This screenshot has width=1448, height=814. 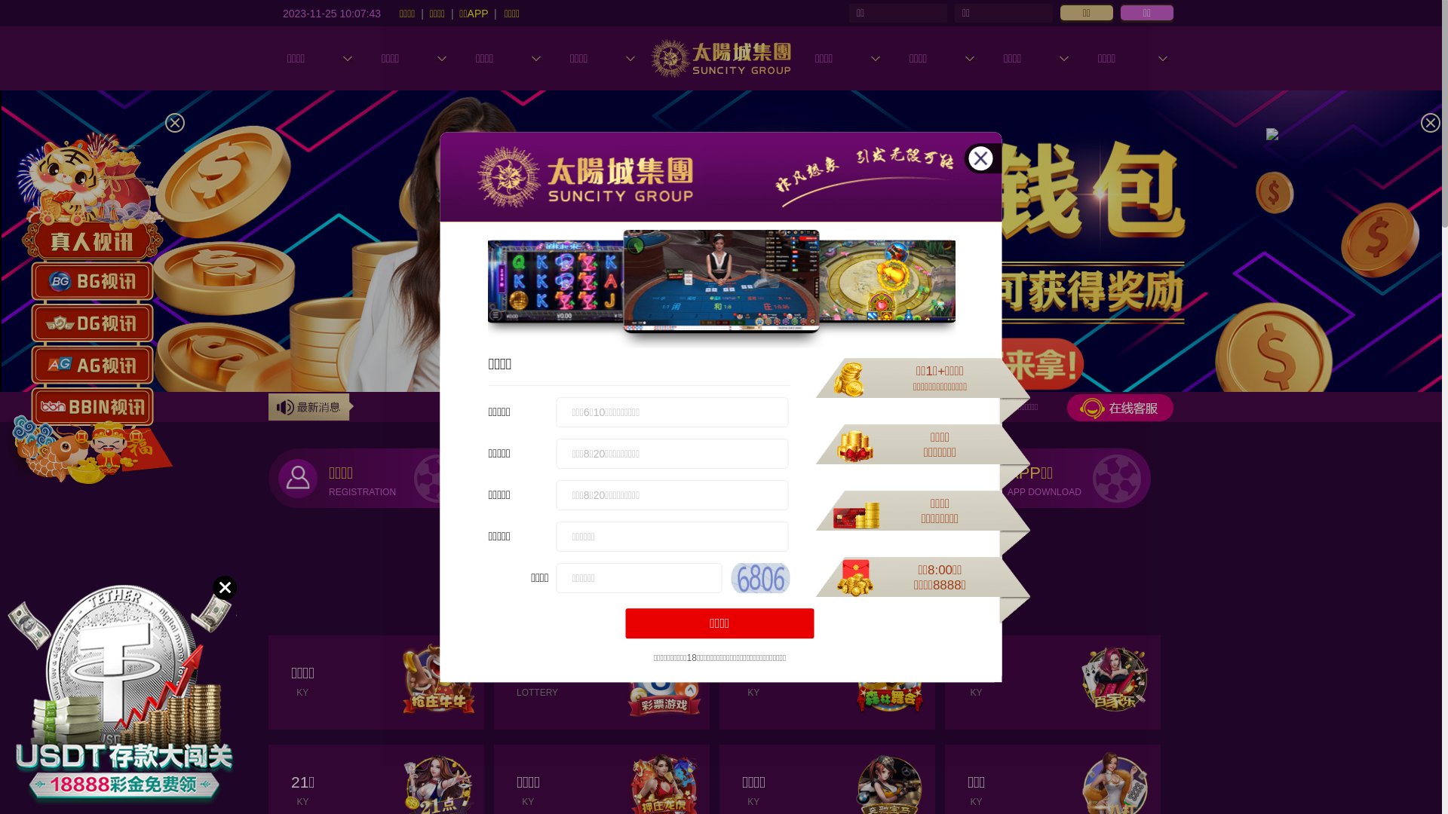 I want to click on '2023-11-25 10:07:42', so click(x=282, y=12).